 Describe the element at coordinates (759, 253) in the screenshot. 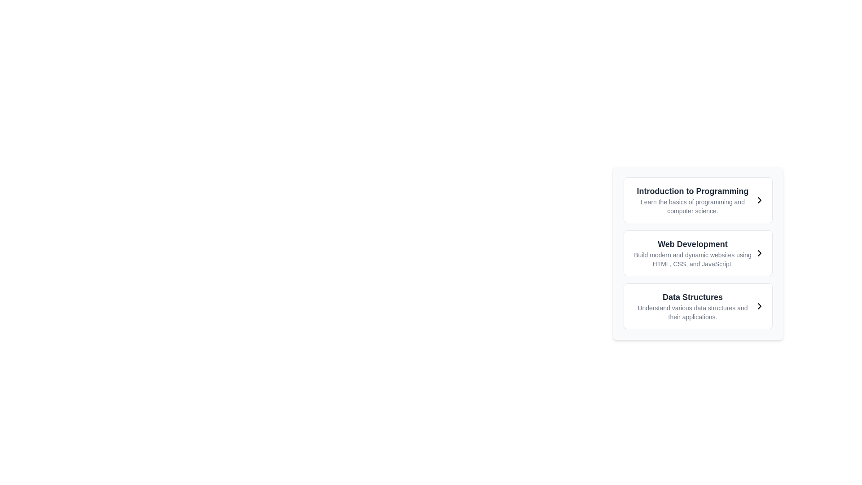

I see `the rightward-pointing chevron icon located at the rightmost edge of the 'Web Development' card` at that location.